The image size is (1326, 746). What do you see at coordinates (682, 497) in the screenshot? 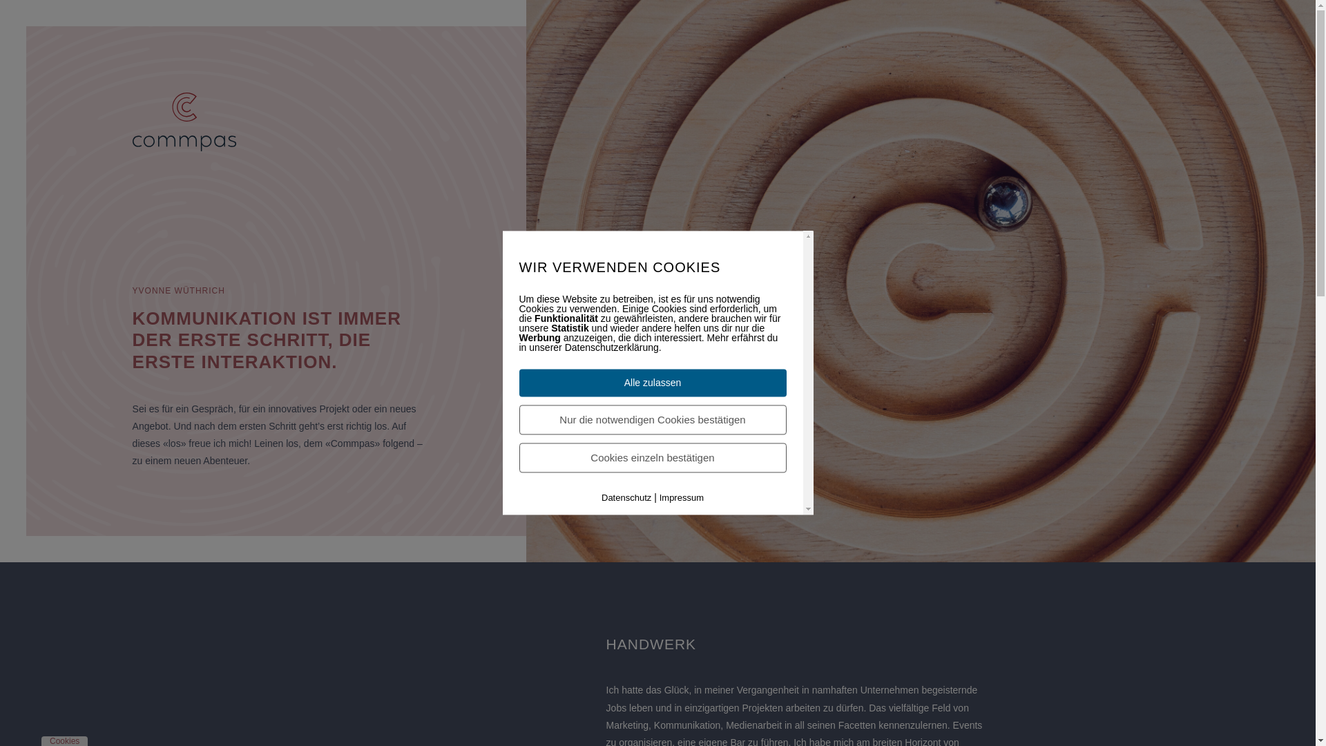
I see `'Impressum'` at bounding box center [682, 497].